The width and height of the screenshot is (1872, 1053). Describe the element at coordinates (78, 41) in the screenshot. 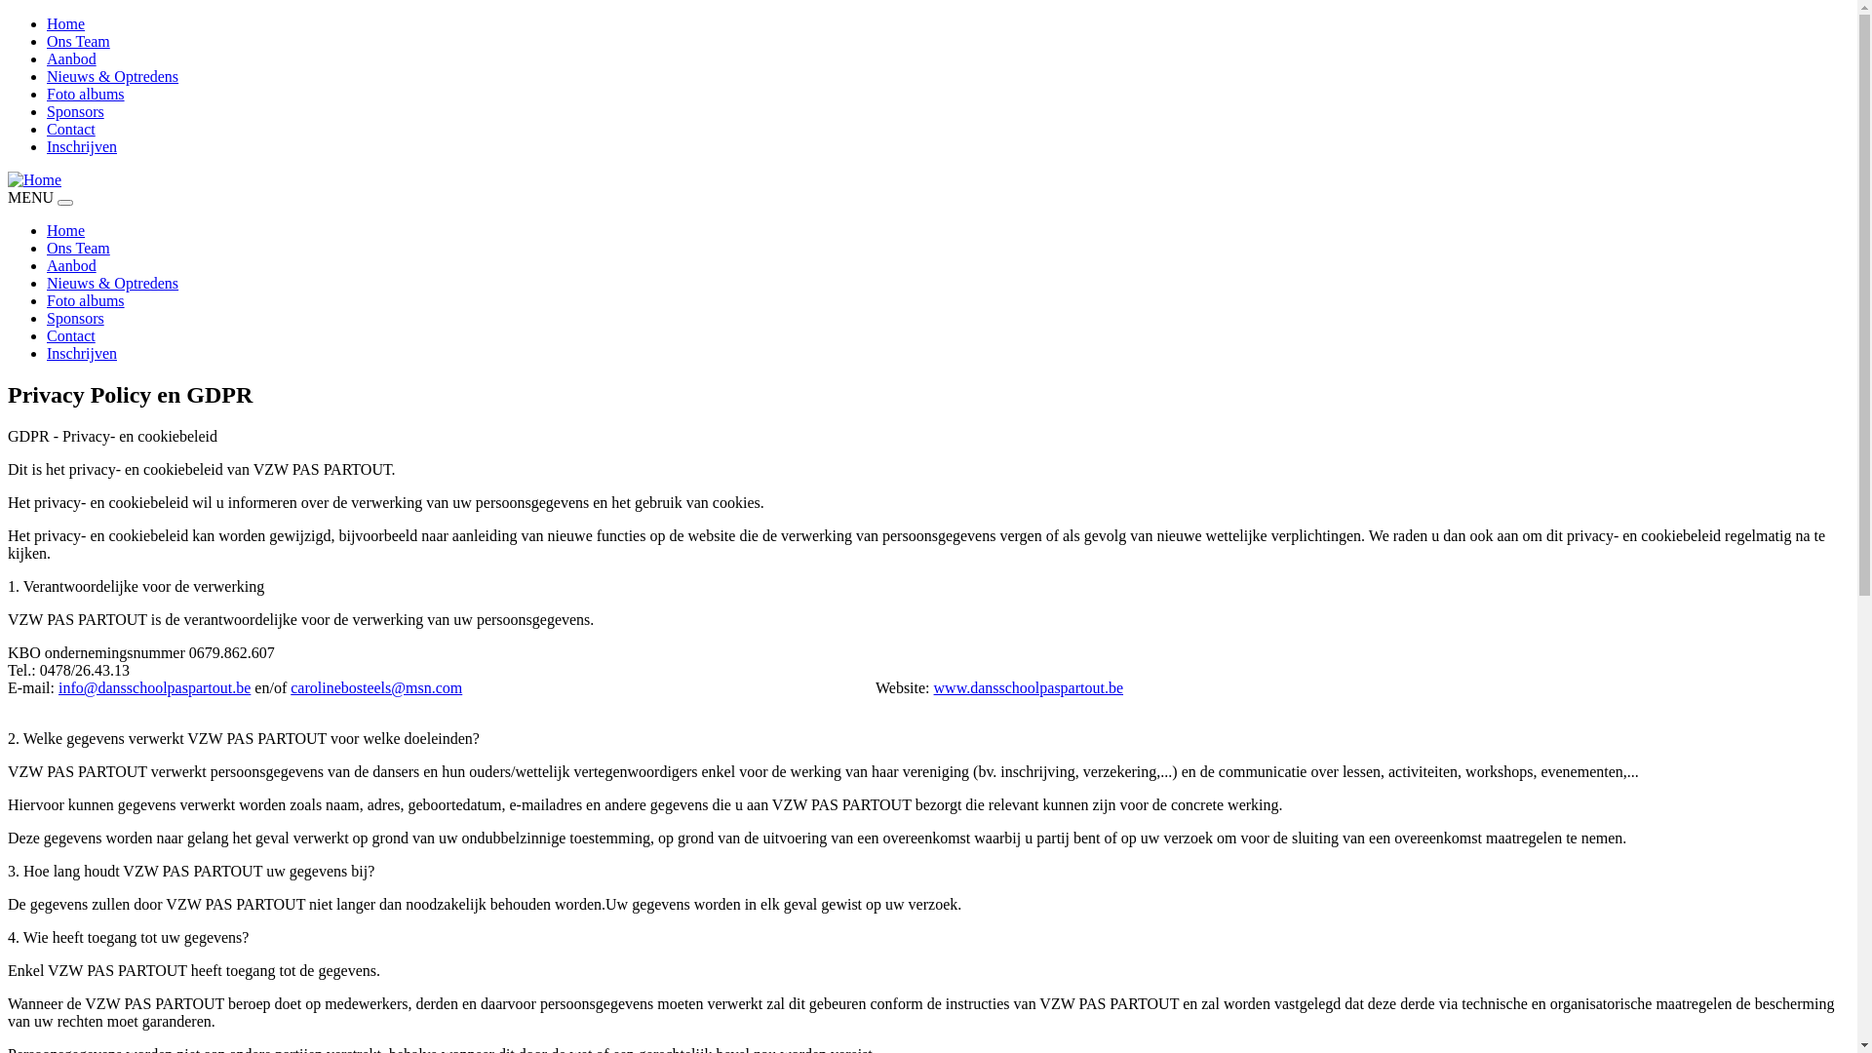

I see `'Ons Team'` at that location.